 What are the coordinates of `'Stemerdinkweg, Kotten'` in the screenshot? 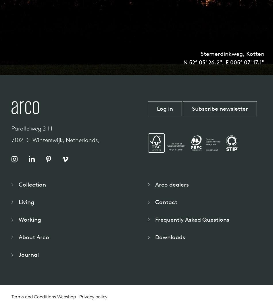 It's located at (200, 53).